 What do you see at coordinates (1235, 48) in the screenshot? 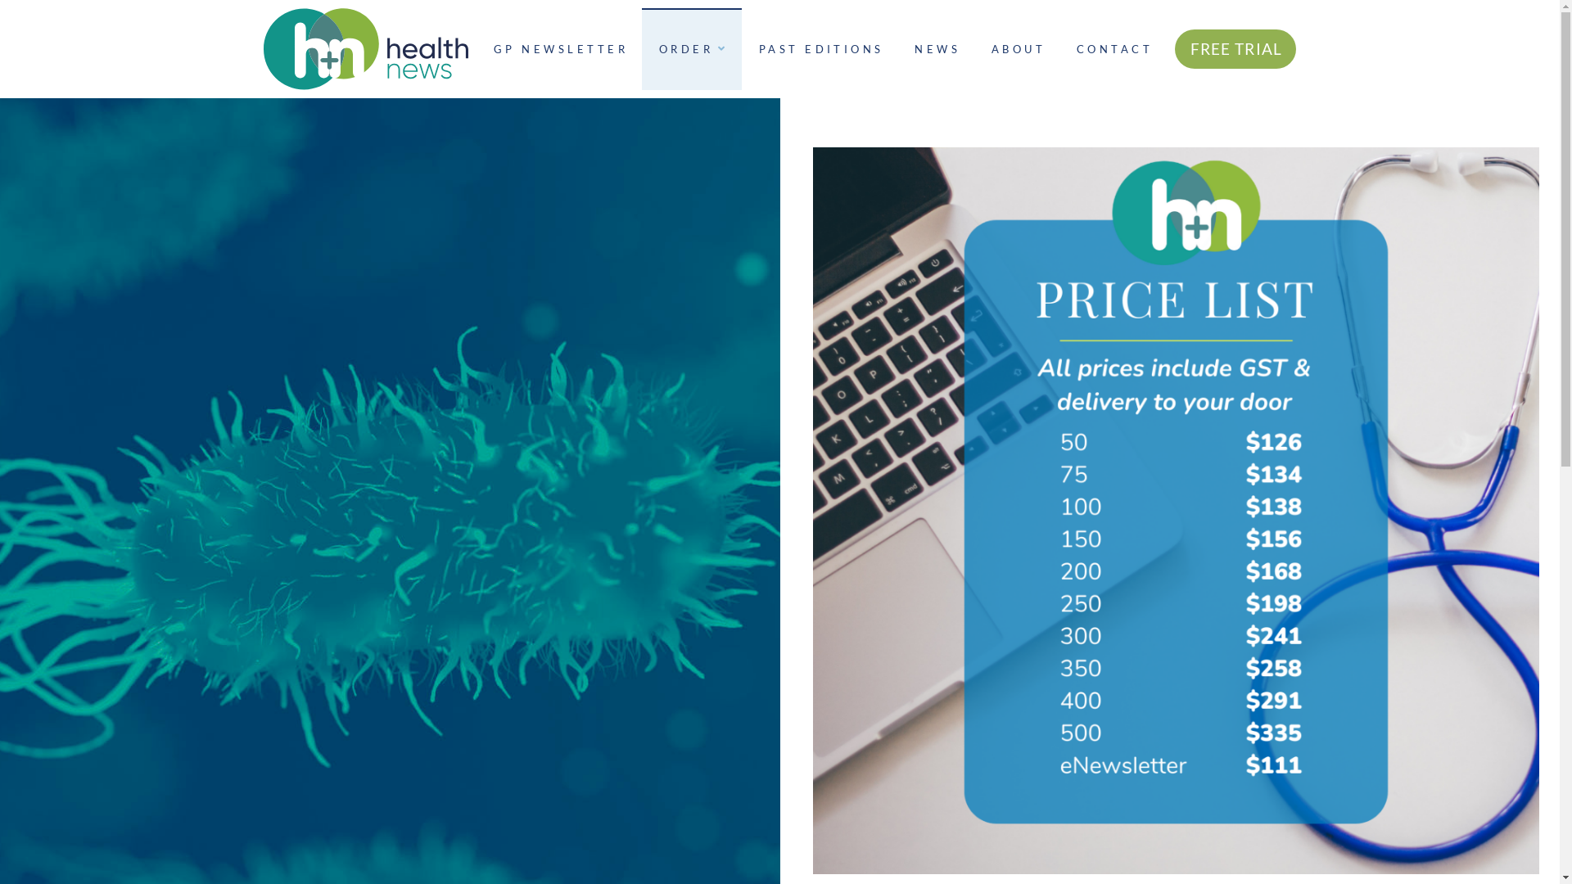
I see `'FREE TRIAL'` at bounding box center [1235, 48].